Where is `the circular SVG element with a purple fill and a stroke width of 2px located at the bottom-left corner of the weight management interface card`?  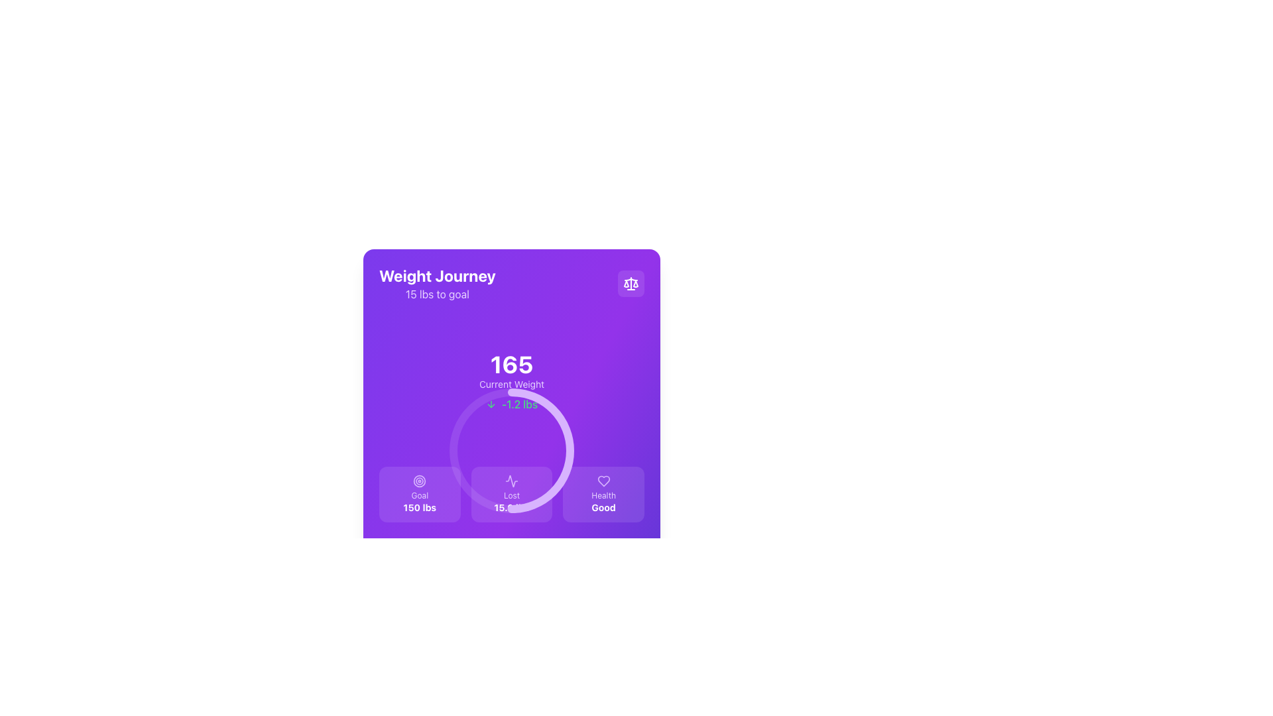
the circular SVG element with a purple fill and a stroke width of 2px located at the bottom-left corner of the weight management interface card is located at coordinates (419, 481).